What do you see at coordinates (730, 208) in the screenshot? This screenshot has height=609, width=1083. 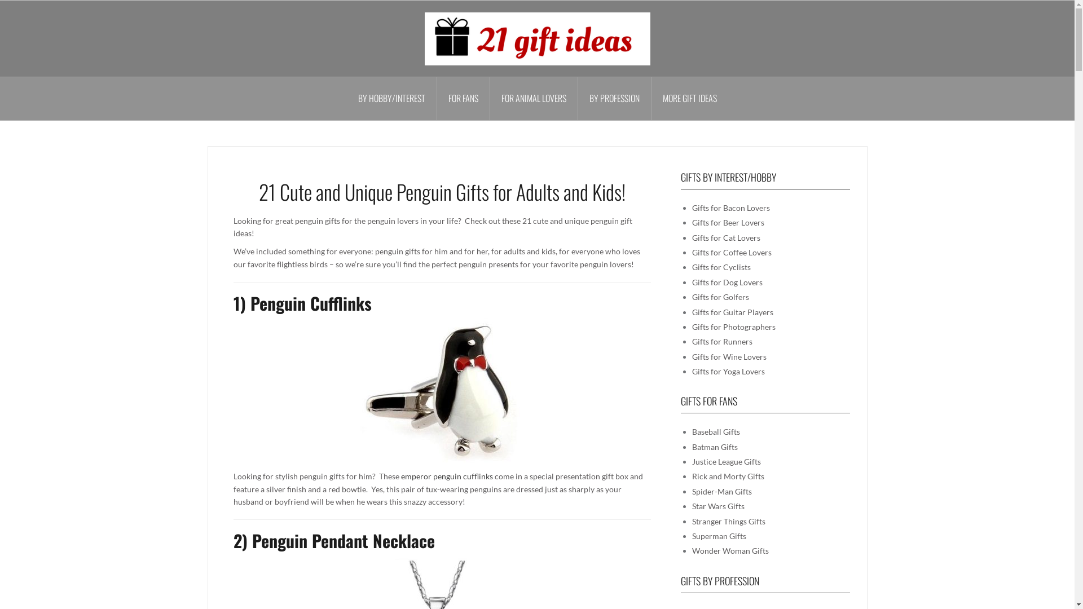 I see `'Gifts for Bacon Lovers'` at bounding box center [730, 208].